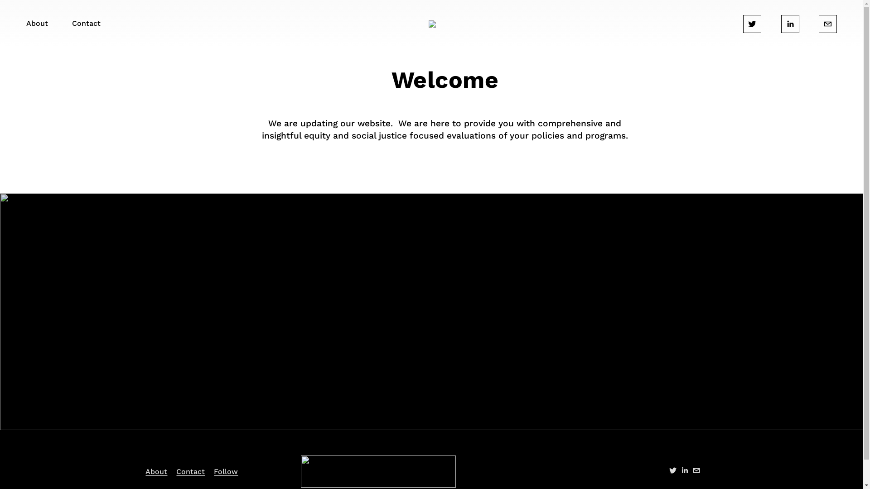 This screenshot has width=870, height=489. What do you see at coordinates (26, 24) in the screenshot?
I see `'About'` at bounding box center [26, 24].